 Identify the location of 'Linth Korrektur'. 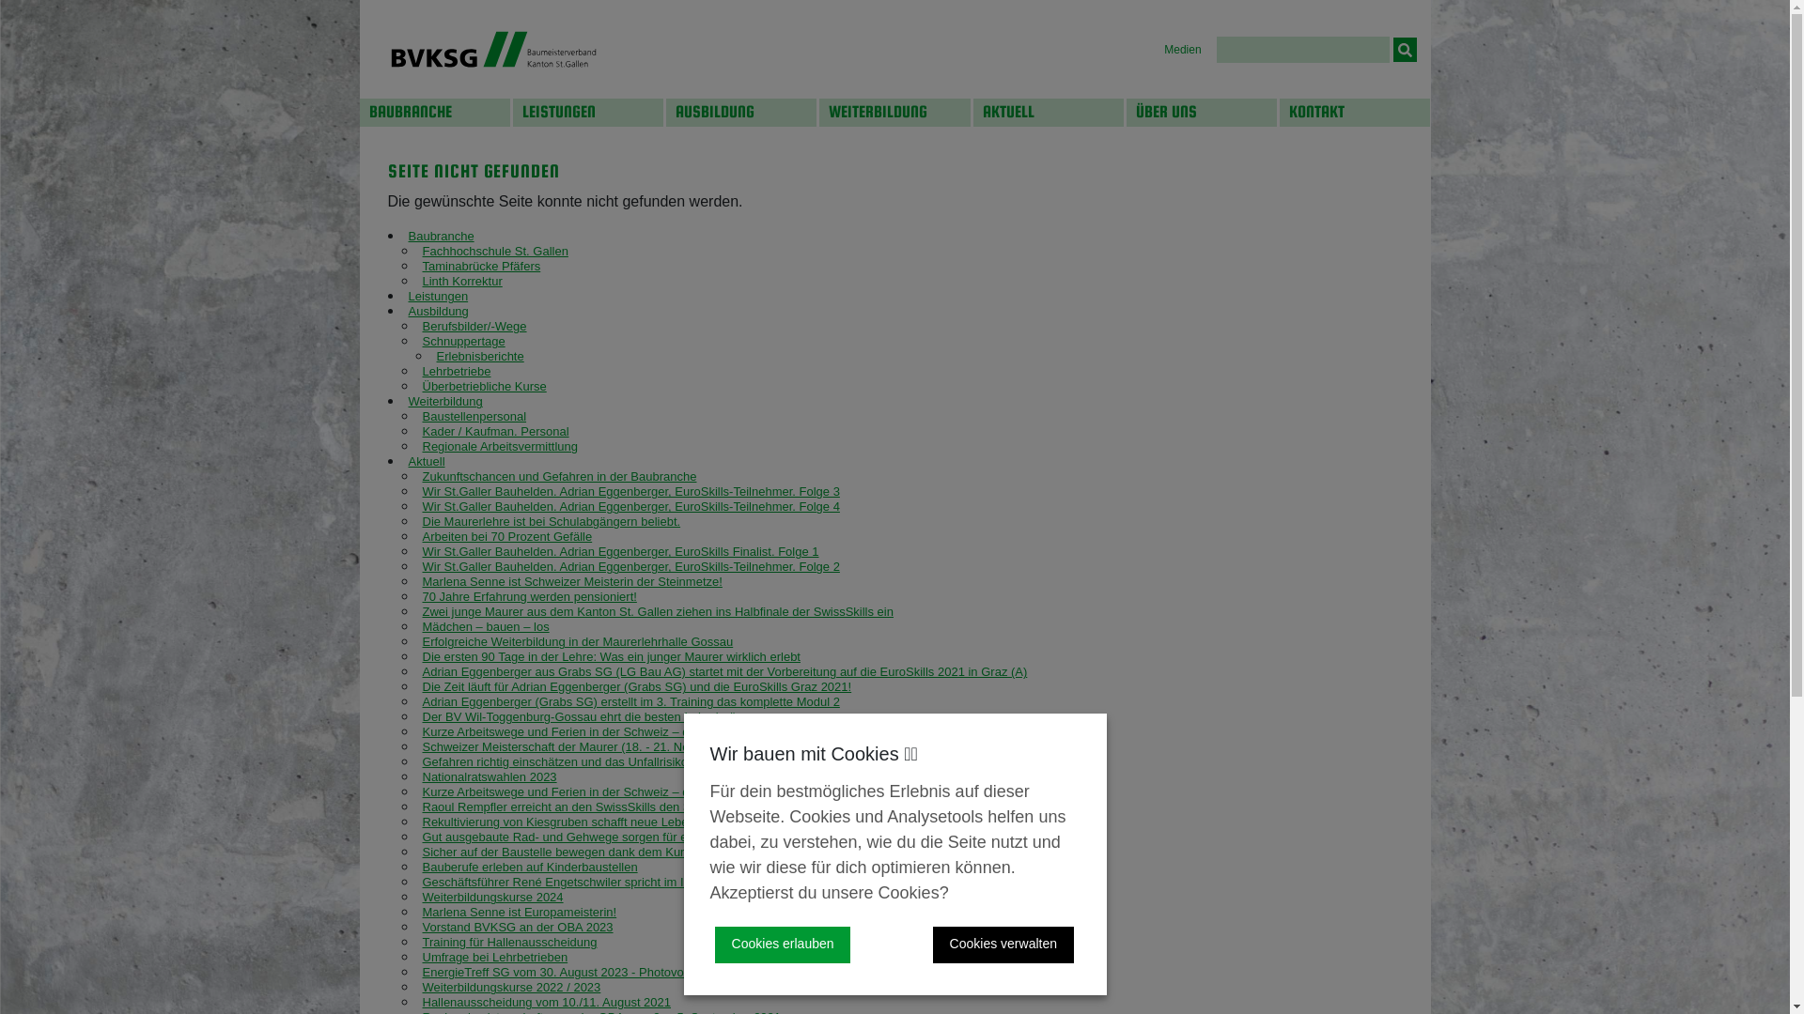
(462, 281).